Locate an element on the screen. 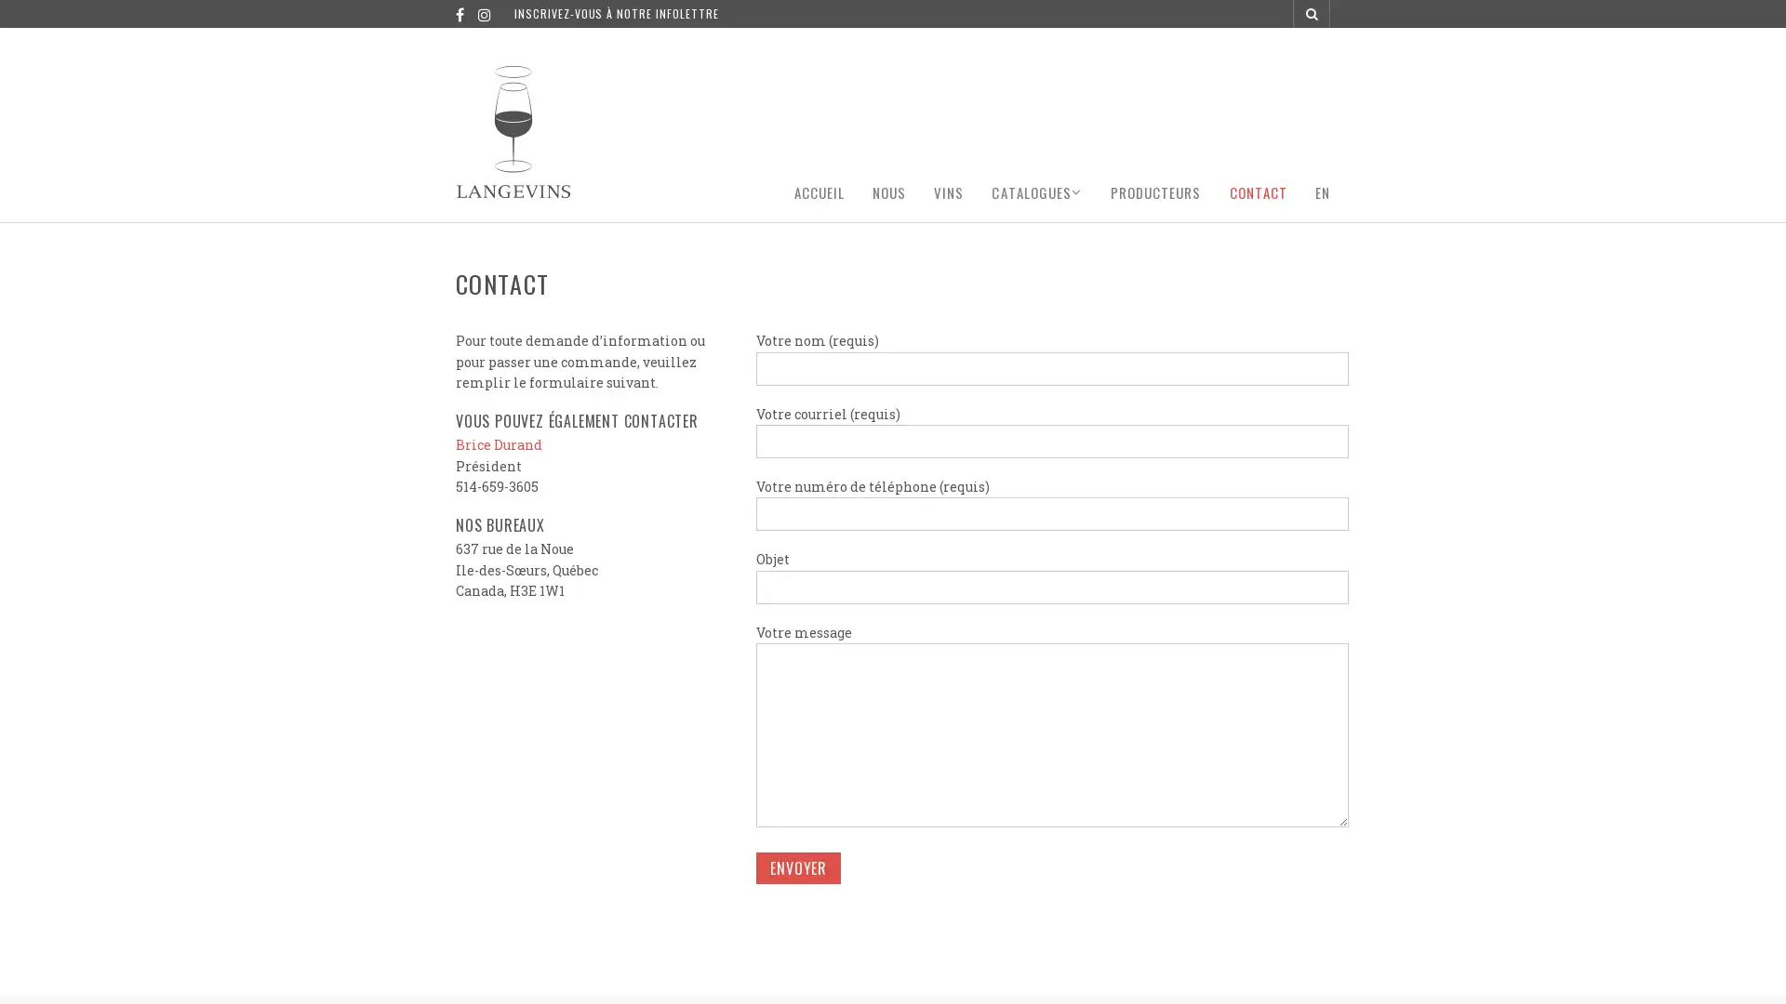  Envoyer is located at coordinates (798, 867).